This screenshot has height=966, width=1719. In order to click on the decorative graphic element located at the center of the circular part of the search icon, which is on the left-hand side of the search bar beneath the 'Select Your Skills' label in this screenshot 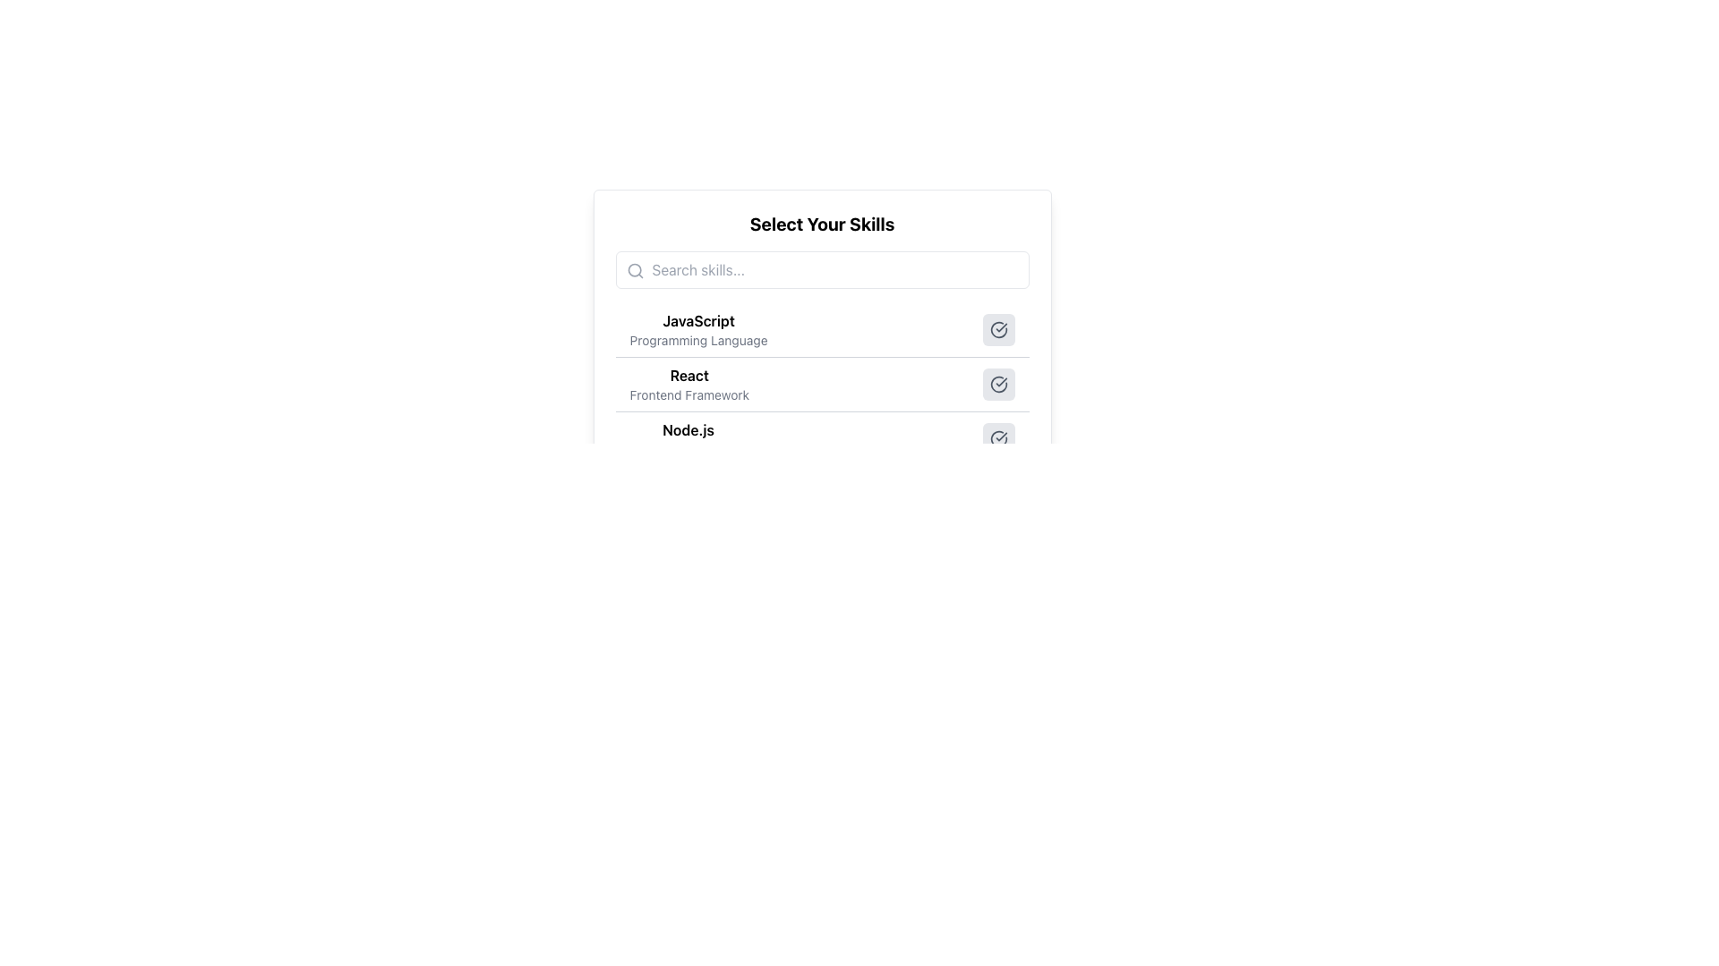, I will do `click(634, 270)`.